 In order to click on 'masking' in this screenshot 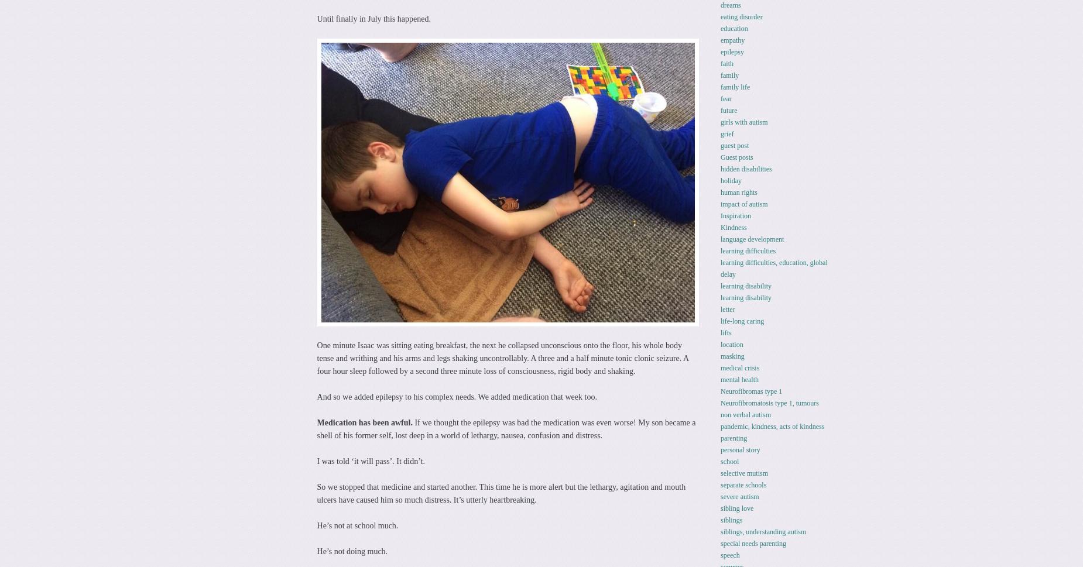, I will do `click(731, 355)`.